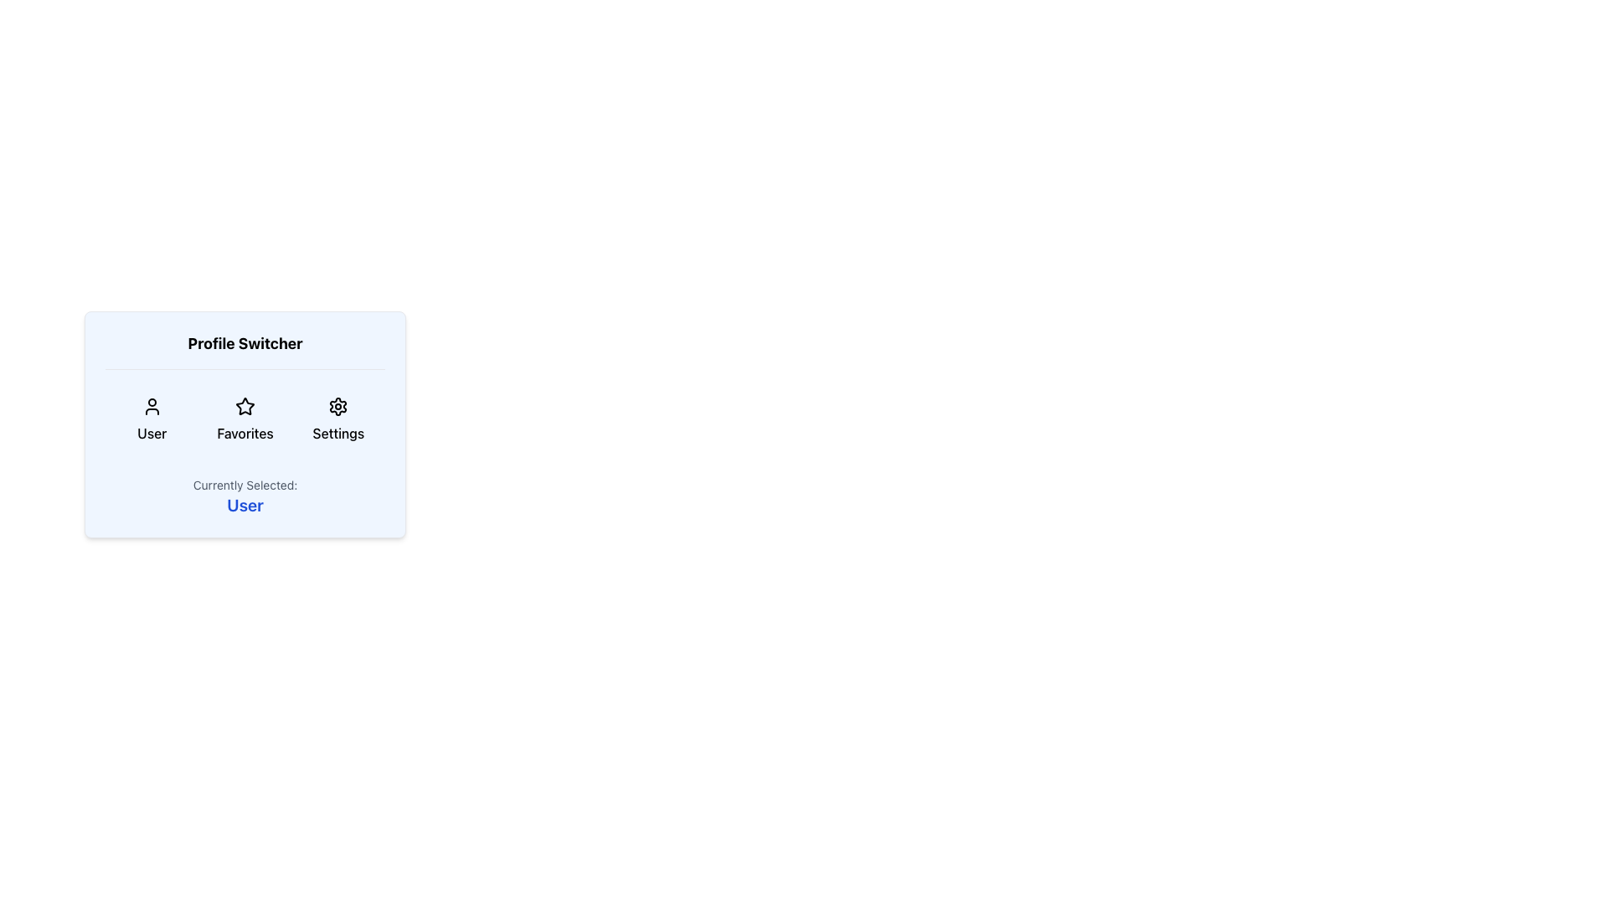 The width and height of the screenshot is (1608, 904). I want to click on the 'Favorites' icon/button located in the center of a horizontal group of three icons, positioned below the 'Profile Switcher' header and above the 'Currently Selected: User' text, to interact with the Favorites feature, so click(244, 406).